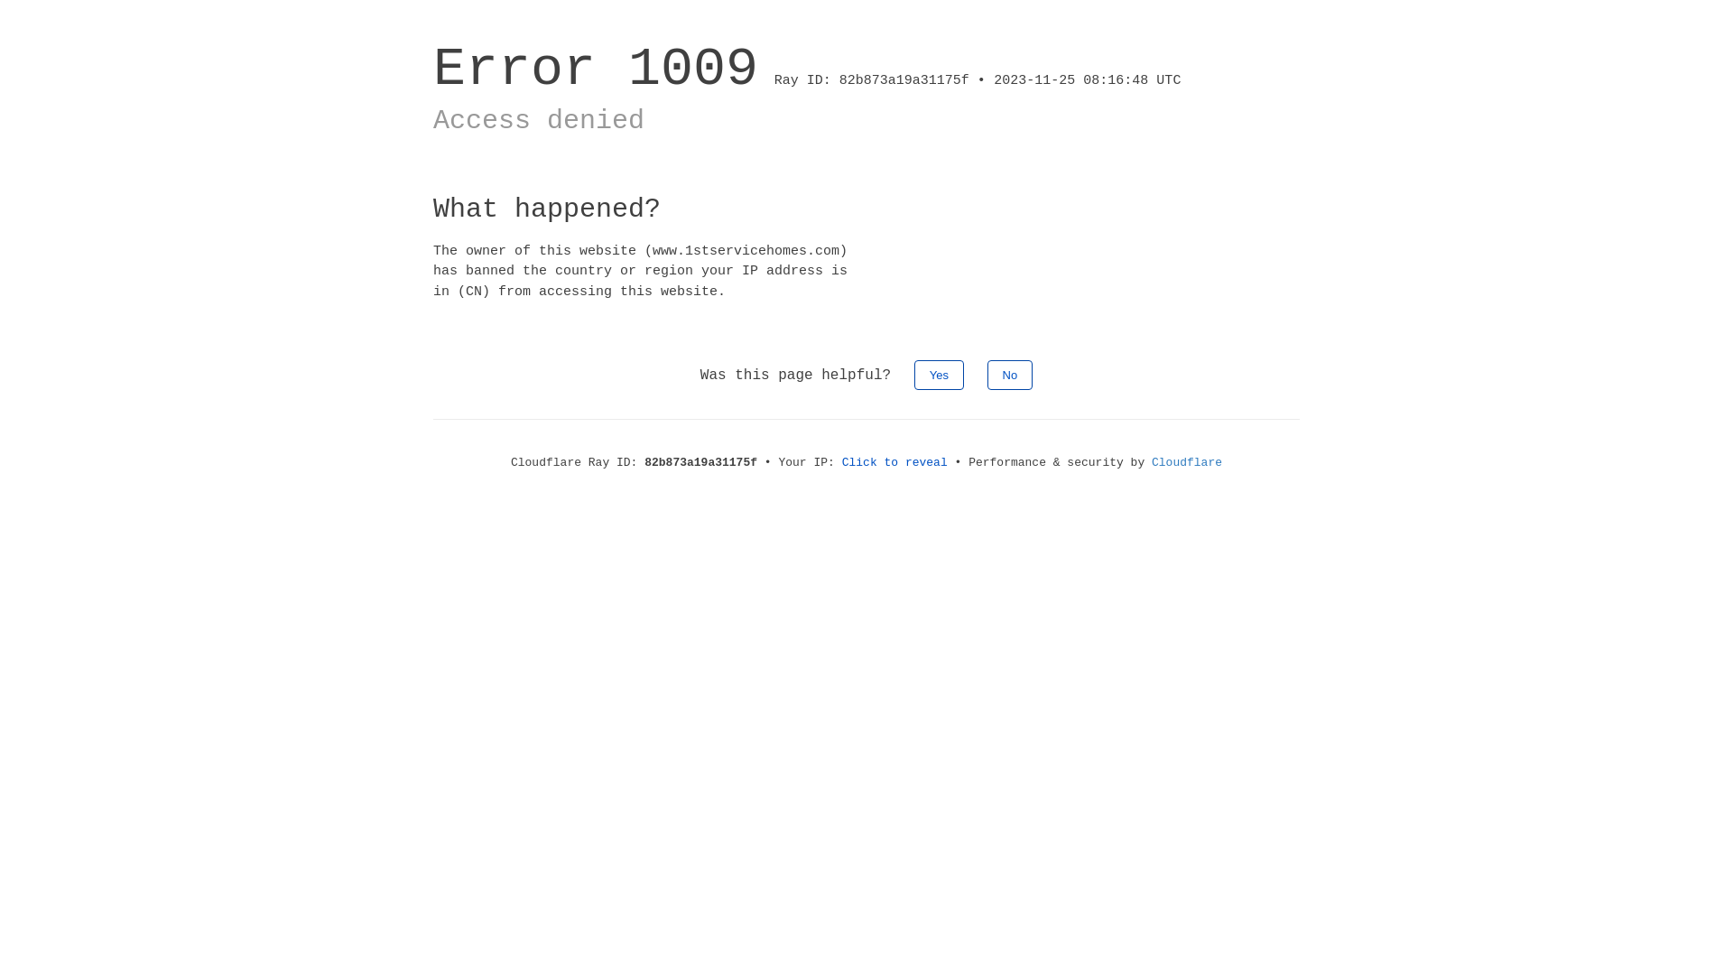  What do you see at coordinates (894, 461) in the screenshot?
I see `'Click to reveal'` at bounding box center [894, 461].